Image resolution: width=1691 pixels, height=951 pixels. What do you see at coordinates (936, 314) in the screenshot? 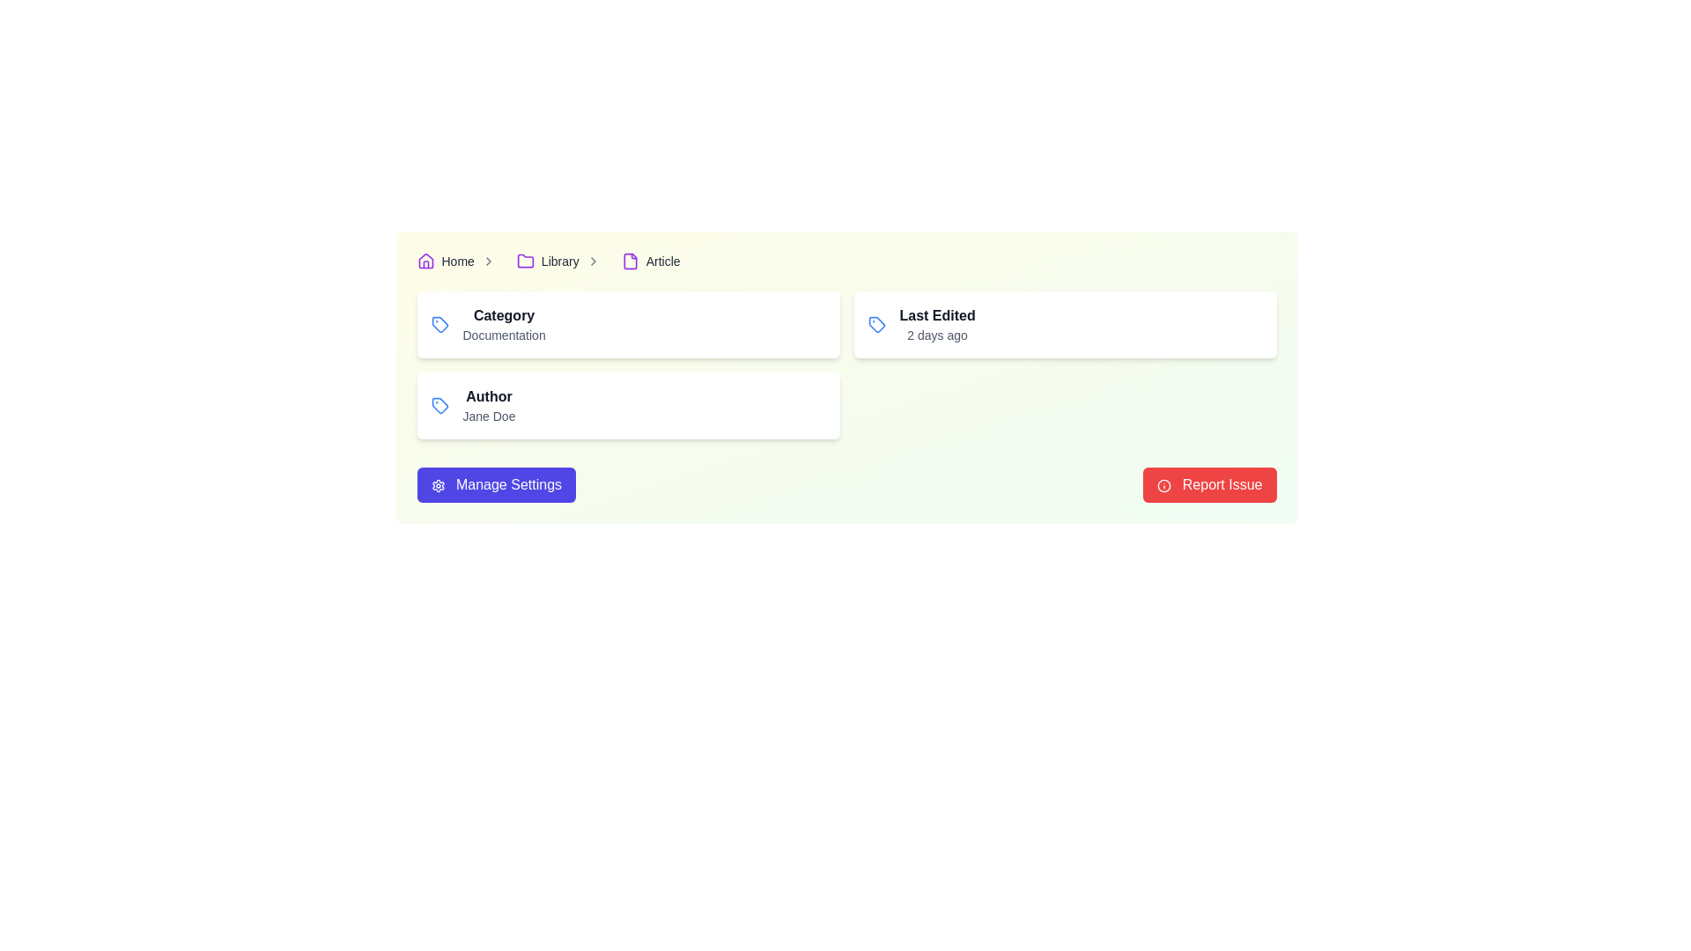
I see `the static text element displaying 'Last Edited', which is styled in dark gray and positioned above the text '2 days ago' within a card on the upper-right side of the interface` at bounding box center [936, 314].